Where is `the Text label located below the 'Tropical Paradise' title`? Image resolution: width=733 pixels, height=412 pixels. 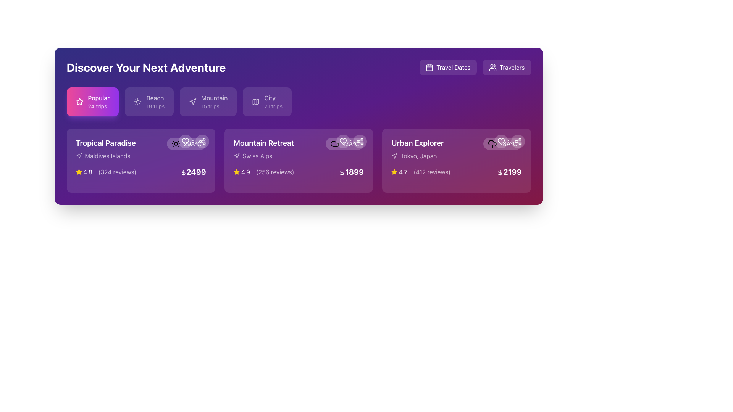 the Text label located below the 'Tropical Paradise' title is located at coordinates (107, 155).